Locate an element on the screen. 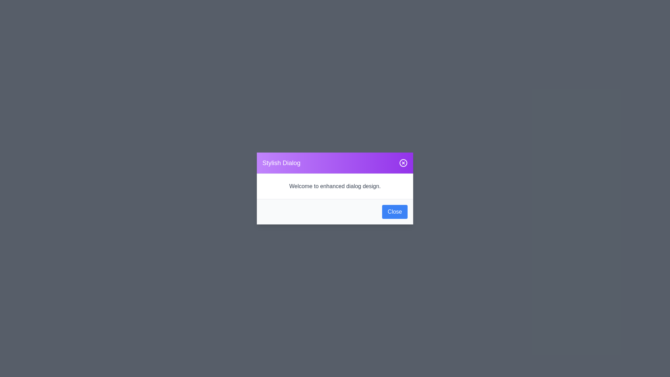  the 'Stylish Dialog' modal dialog box that has a prominent title and a blue 'Close' button at the bottom is located at coordinates (335, 188).